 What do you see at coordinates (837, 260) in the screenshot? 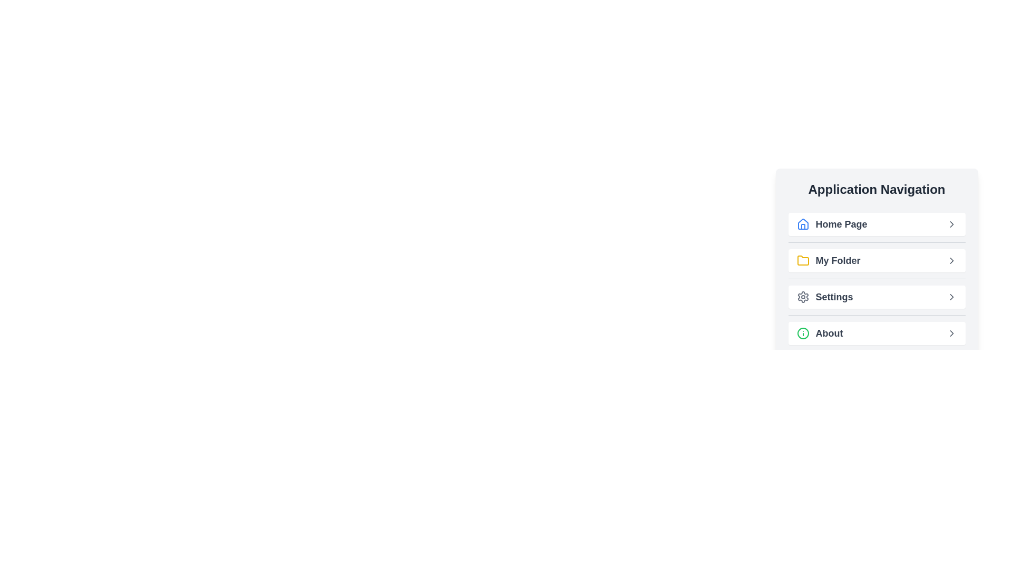
I see `'My Folder' text label, which is part of the Application Navigation menu, located next to a yellow folder icon` at bounding box center [837, 260].